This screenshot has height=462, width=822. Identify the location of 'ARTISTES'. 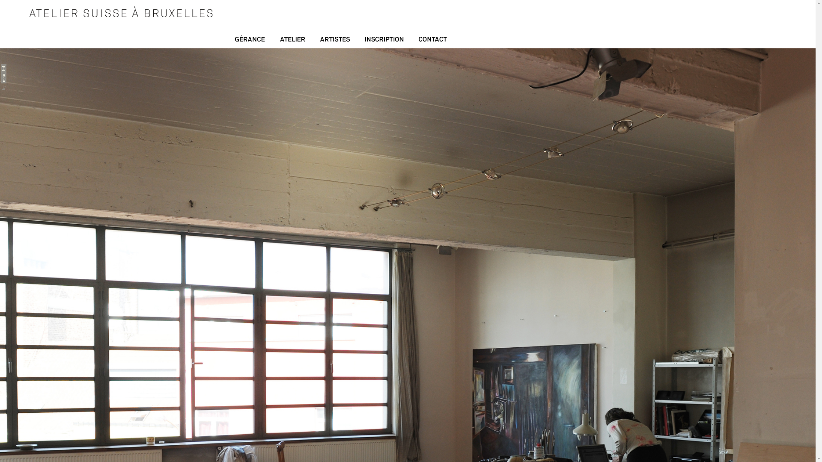
(312, 41).